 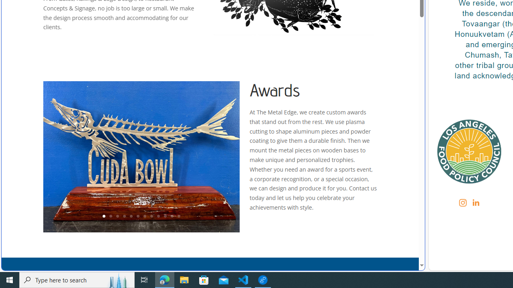 I want to click on '7', so click(x=144, y=216).